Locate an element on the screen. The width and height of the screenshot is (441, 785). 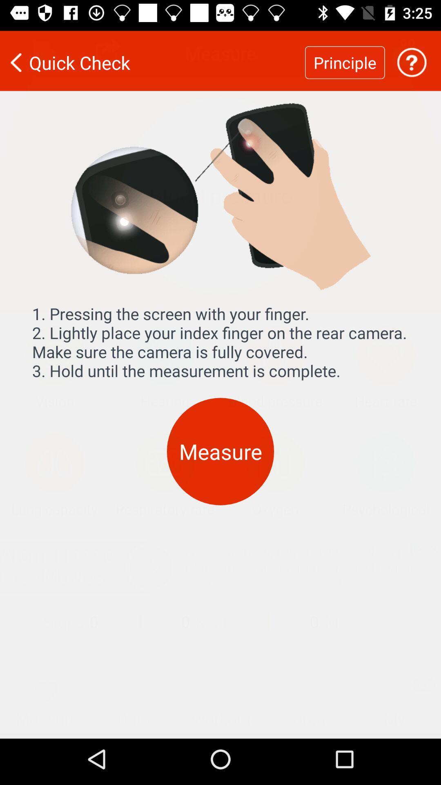
get help is located at coordinates (412, 57).